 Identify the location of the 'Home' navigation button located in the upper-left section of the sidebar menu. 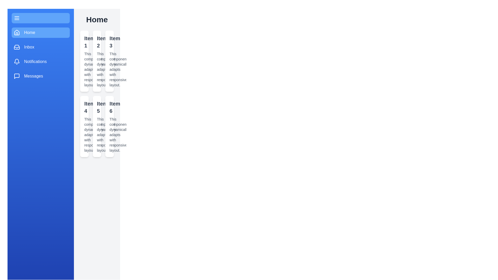
(40, 33).